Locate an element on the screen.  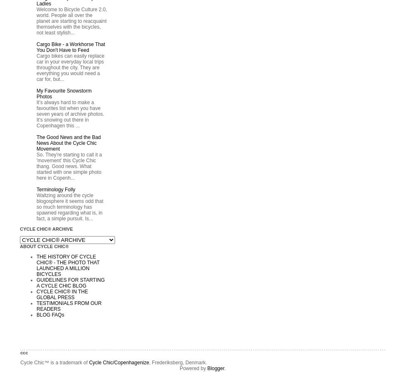
'BLOG FAQs' is located at coordinates (50, 315).